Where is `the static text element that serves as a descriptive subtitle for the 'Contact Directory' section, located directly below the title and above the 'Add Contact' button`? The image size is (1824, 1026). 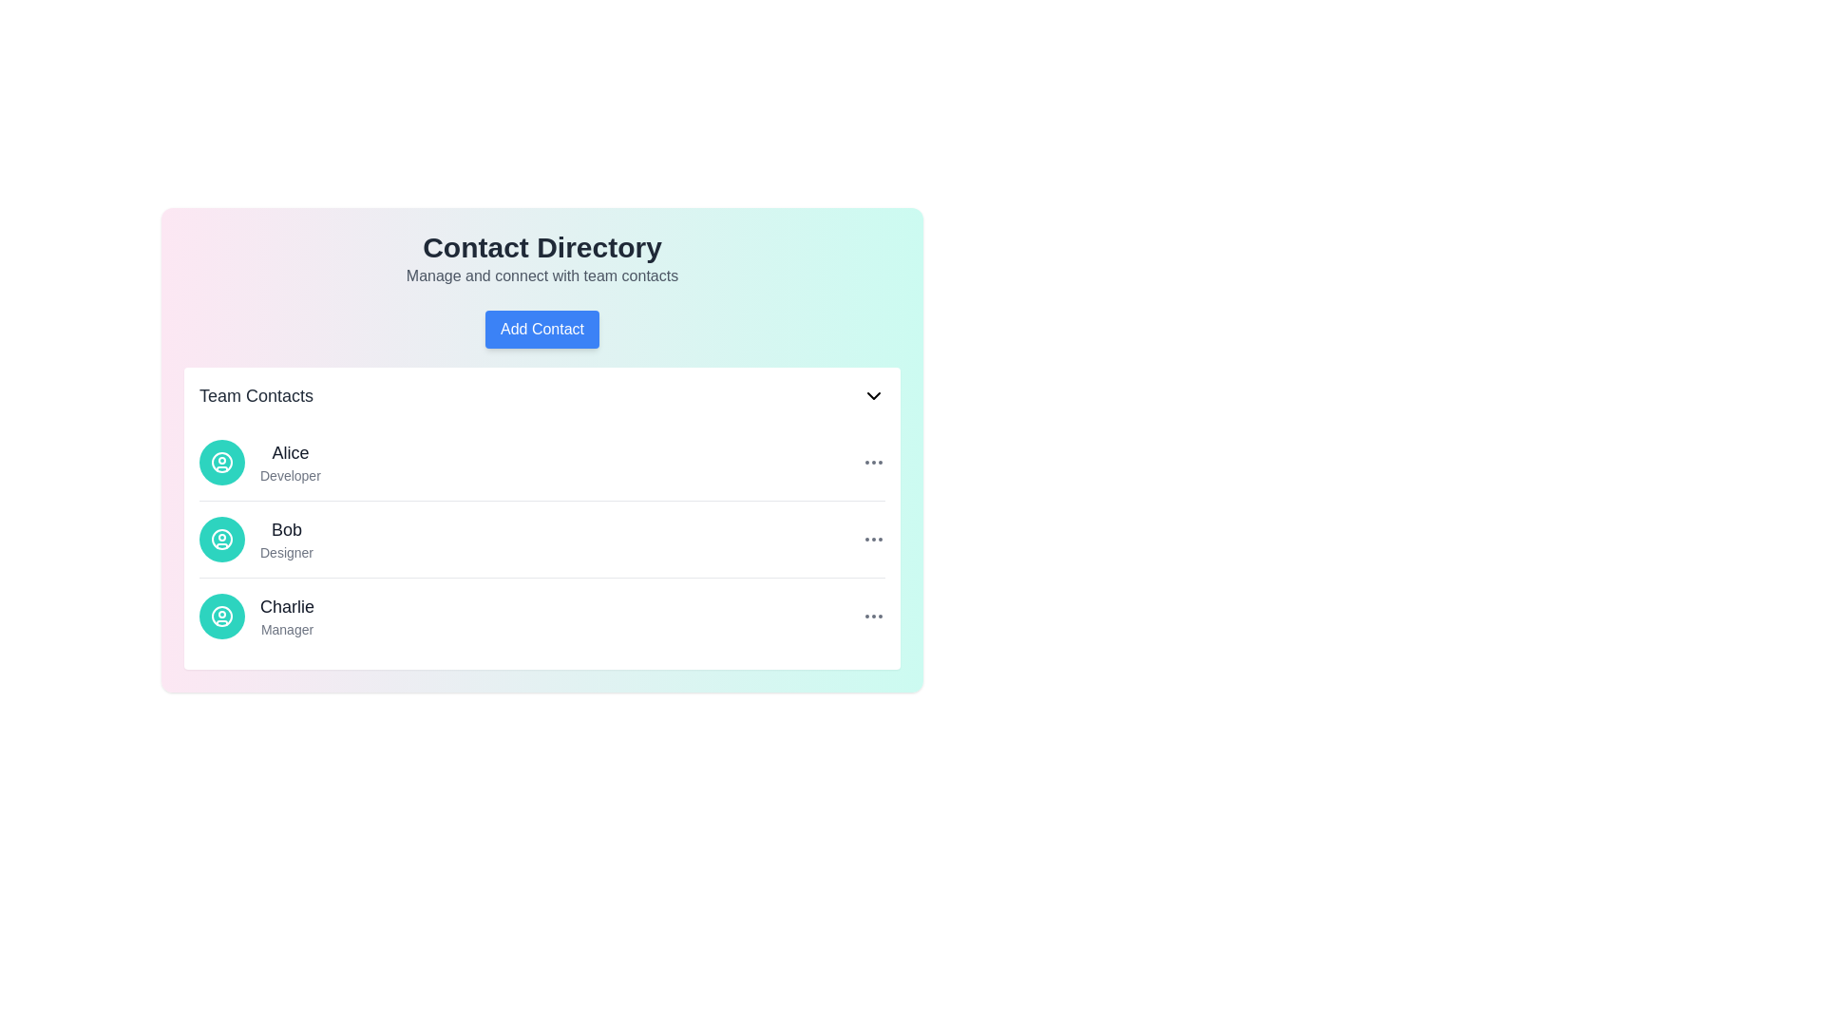 the static text element that serves as a descriptive subtitle for the 'Contact Directory' section, located directly below the title and above the 'Add Contact' button is located at coordinates (541, 275).